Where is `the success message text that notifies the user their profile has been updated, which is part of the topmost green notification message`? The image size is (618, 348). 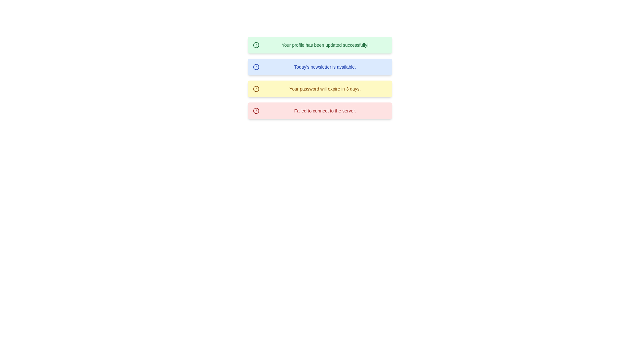
the success message text that notifies the user their profile has been updated, which is part of the topmost green notification message is located at coordinates (325, 44).